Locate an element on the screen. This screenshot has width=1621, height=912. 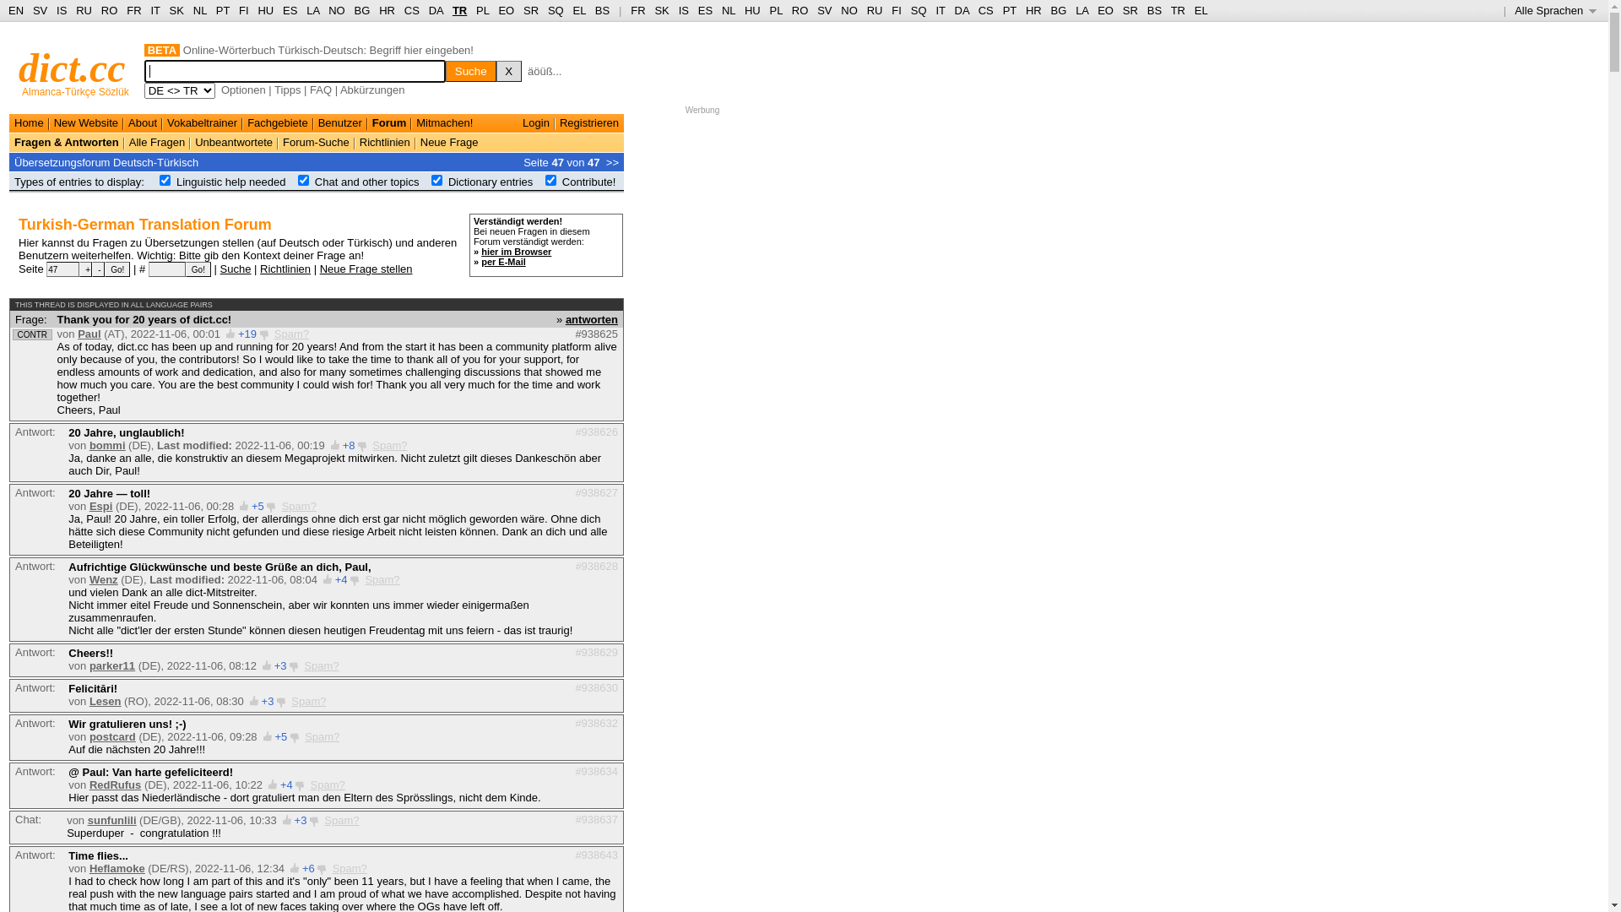
'Fragen & Antworten' is located at coordinates (66, 141).